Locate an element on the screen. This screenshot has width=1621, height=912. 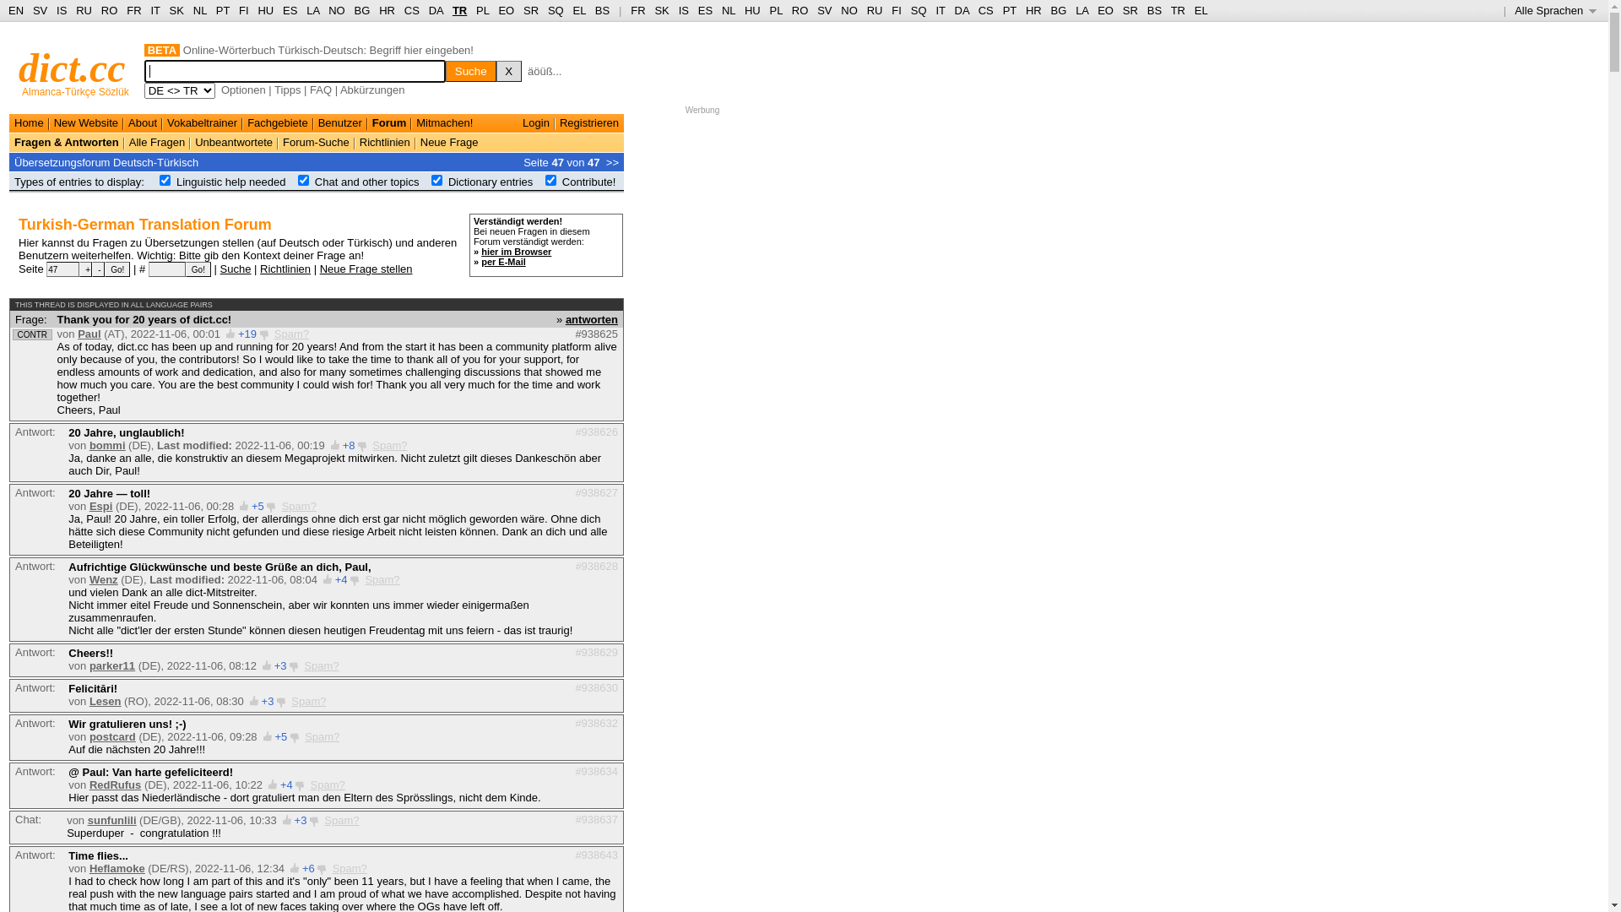
'Fragen & Antworten' is located at coordinates (66, 141).